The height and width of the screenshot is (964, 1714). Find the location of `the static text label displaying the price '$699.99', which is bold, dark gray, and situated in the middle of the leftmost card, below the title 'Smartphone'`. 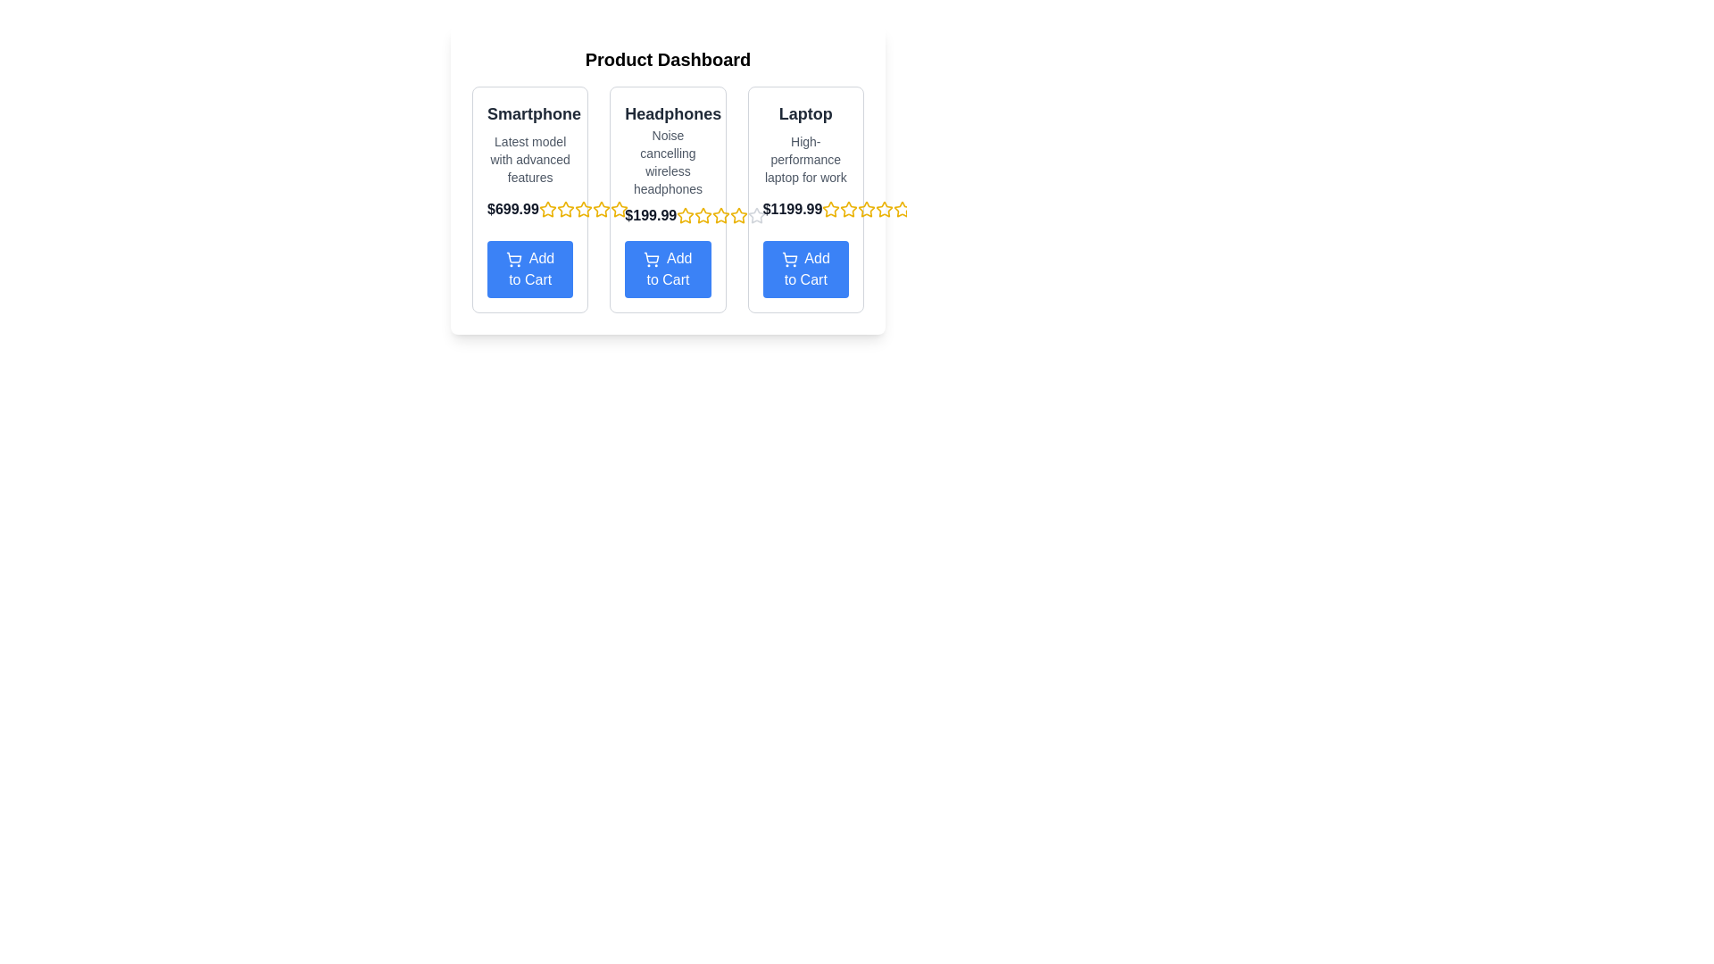

the static text label displaying the price '$699.99', which is bold, dark gray, and situated in the middle of the leftmost card, below the title 'Smartphone' is located at coordinates (512, 209).